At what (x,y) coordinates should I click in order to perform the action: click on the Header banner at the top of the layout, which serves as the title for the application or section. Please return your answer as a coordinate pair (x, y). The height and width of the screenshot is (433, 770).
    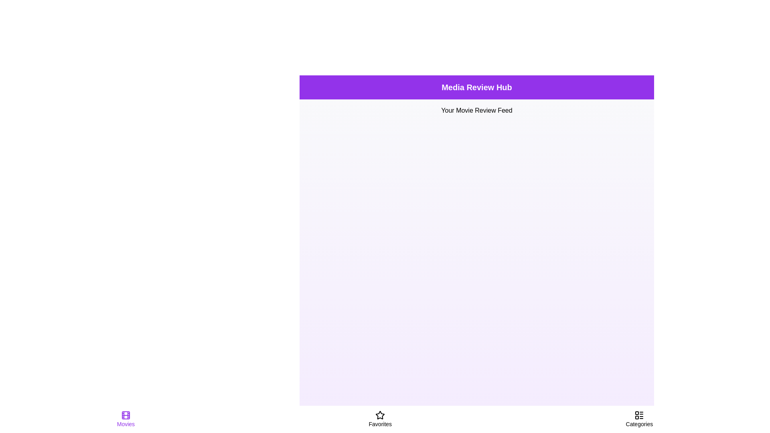
    Looking at the image, I should click on (477, 87).